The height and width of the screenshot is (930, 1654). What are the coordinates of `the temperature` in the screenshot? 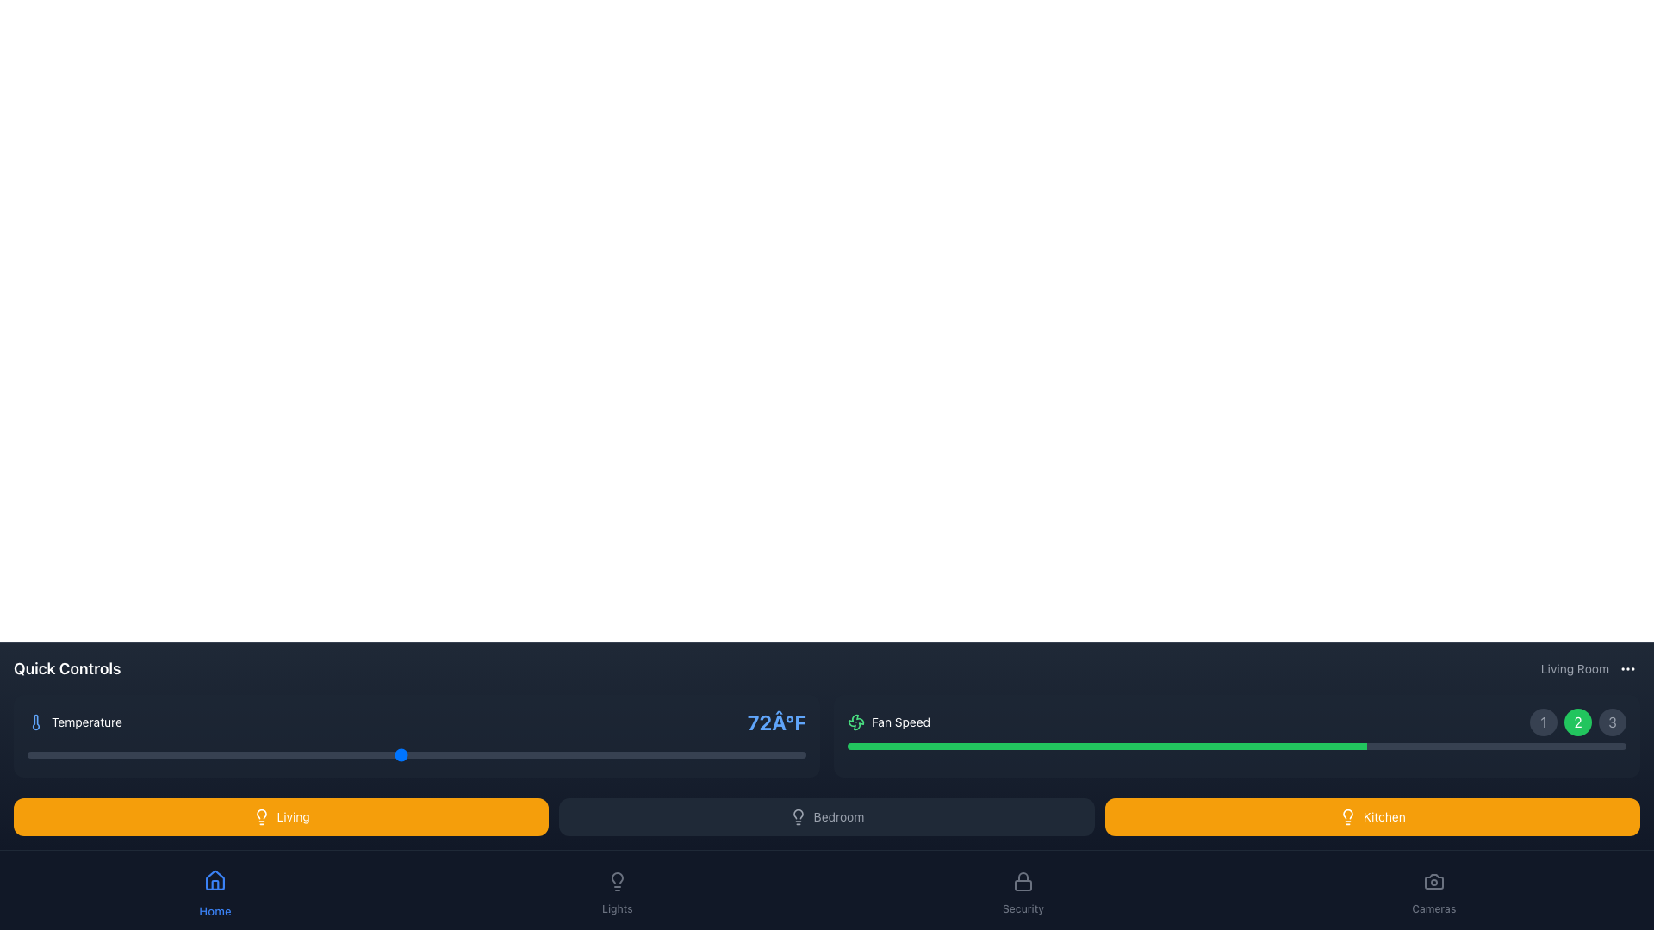 It's located at (588, 753).